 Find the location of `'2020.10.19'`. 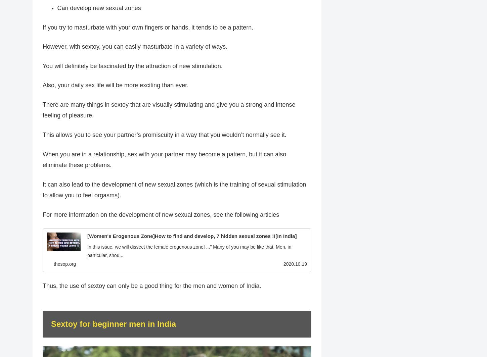

'2020.10.19' is located at coordinates (295, 264).